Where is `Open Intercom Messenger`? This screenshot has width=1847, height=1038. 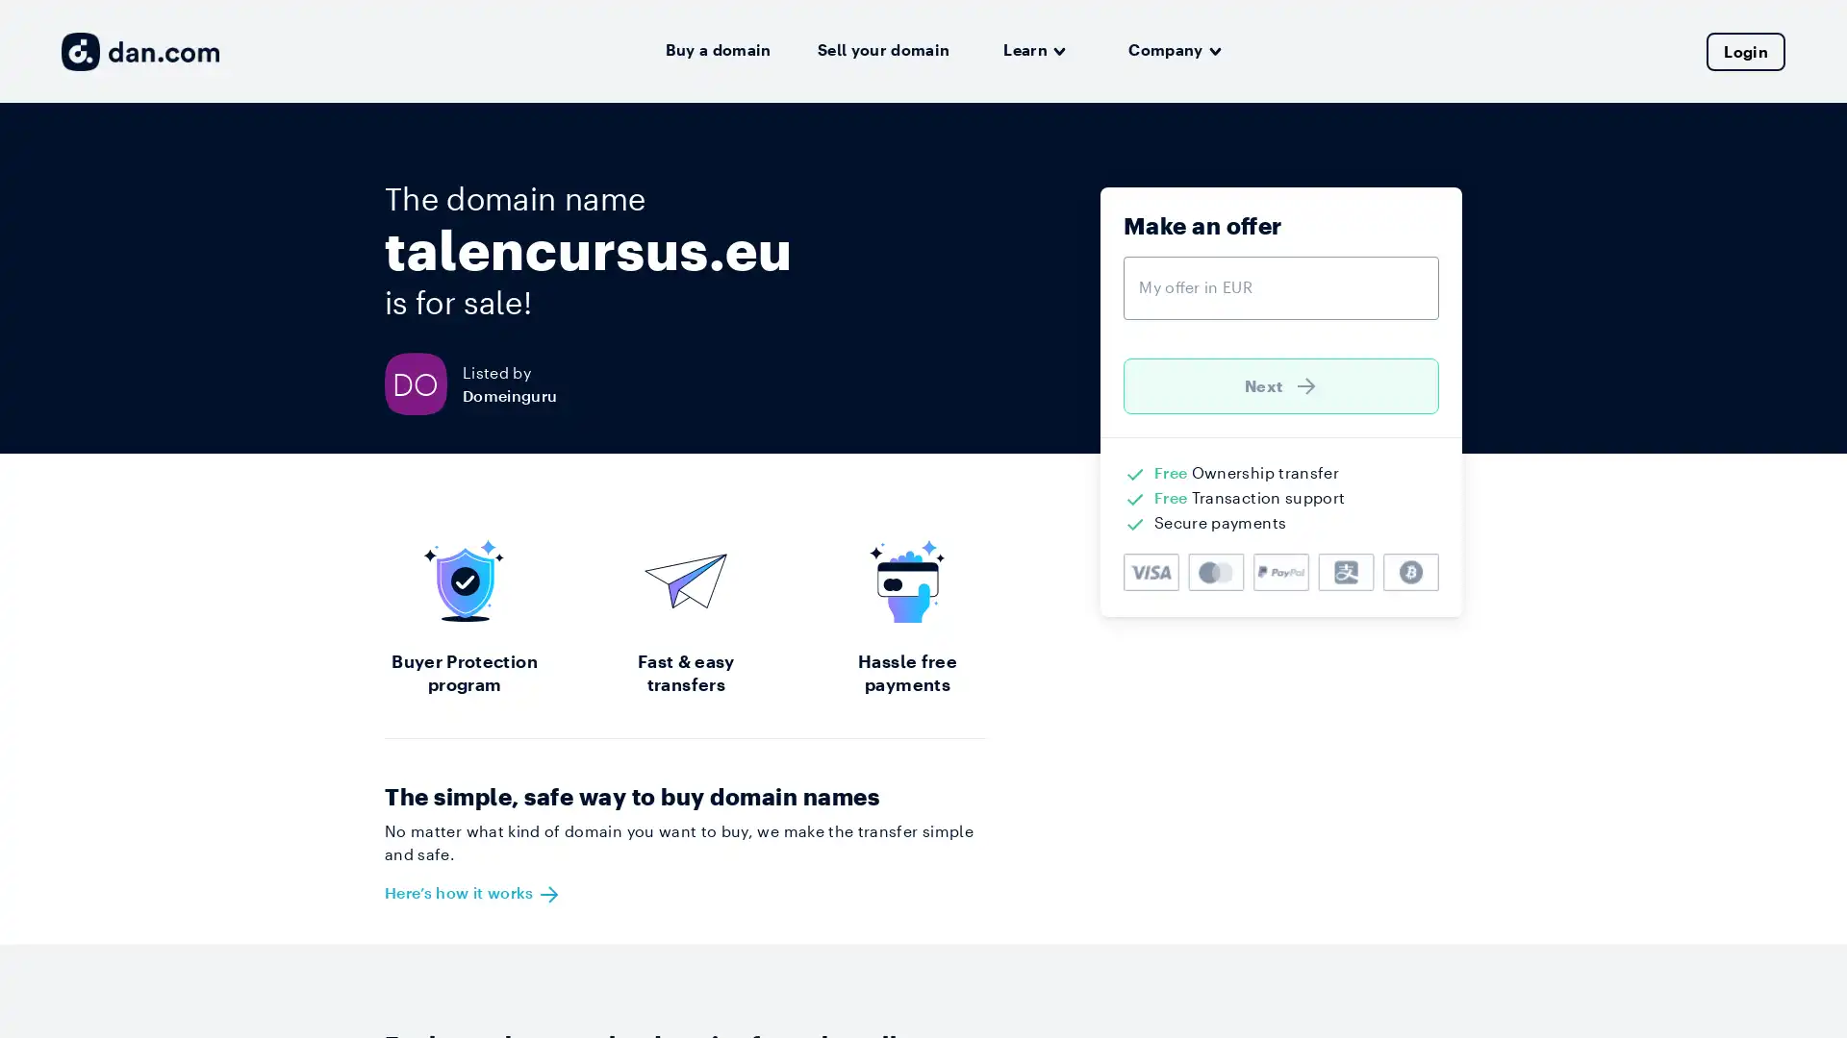
Open Intercom Messenger is located at coordinates (1798, 989).